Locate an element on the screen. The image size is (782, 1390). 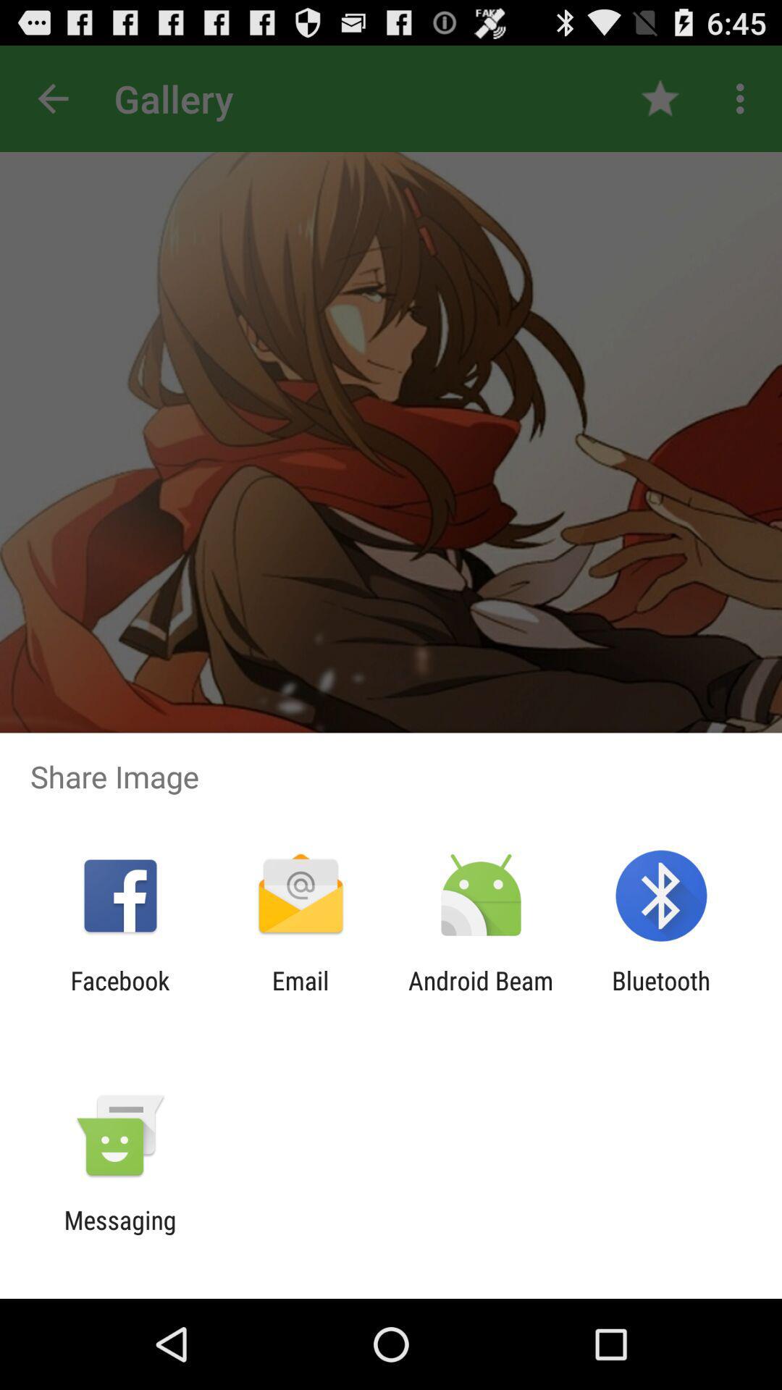
bluetooth item is located at coordinates (661, 995).